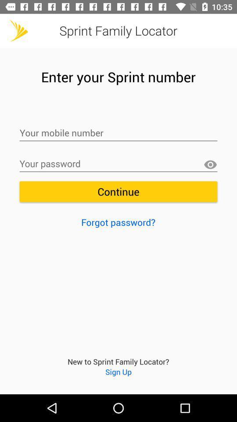  I want to click on item below the continue item, so click(118, 222).